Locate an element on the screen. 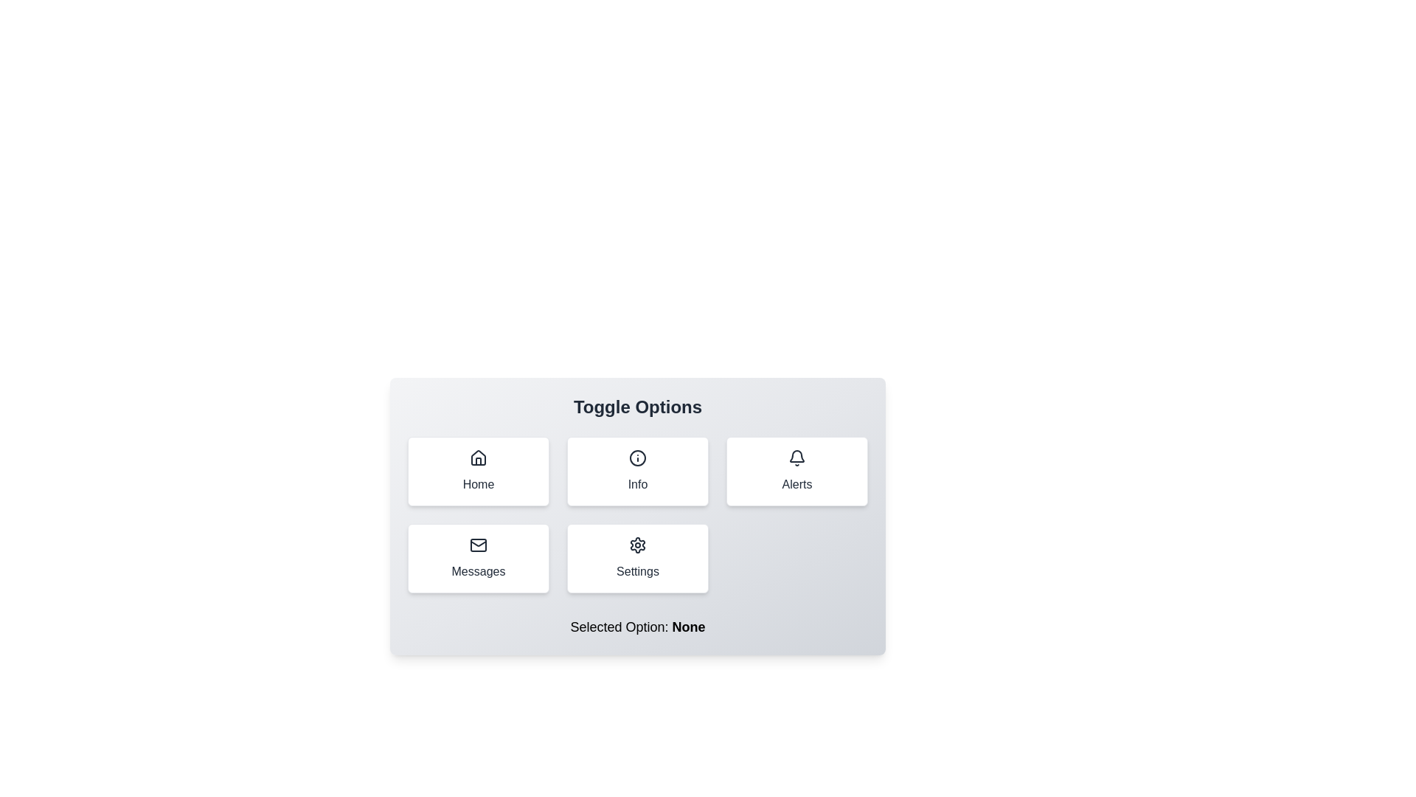  the 'Home' button located in the top-left corner of the button grid is located at coordinates (478, 472).